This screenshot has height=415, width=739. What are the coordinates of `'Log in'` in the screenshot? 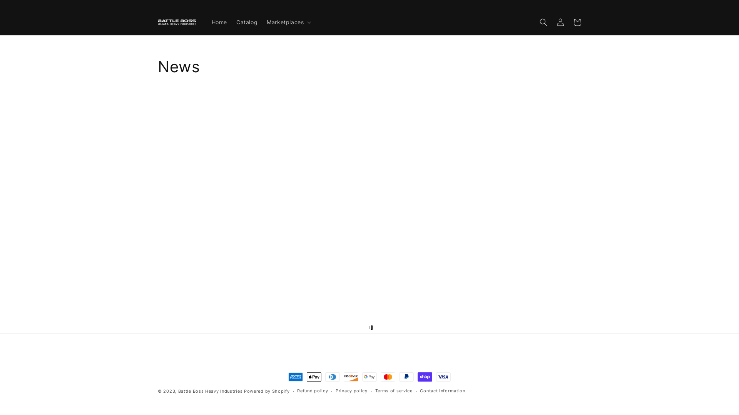 It's located at (552, 22).